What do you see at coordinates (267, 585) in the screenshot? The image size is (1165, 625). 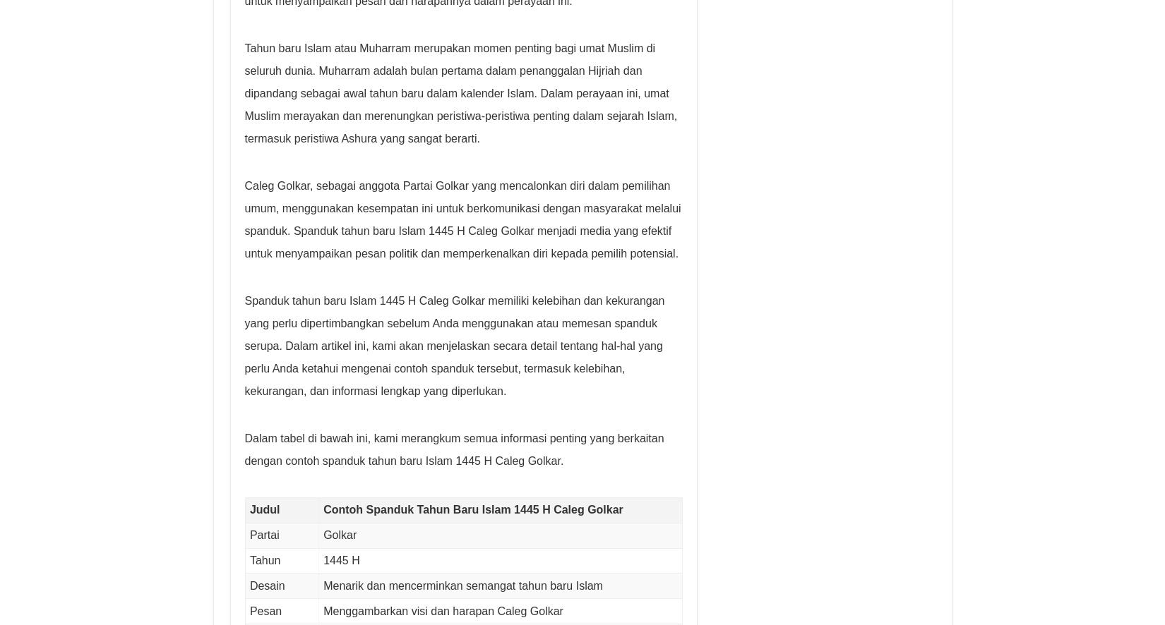 I see `'Desain'` at bounding box center [267, 585].